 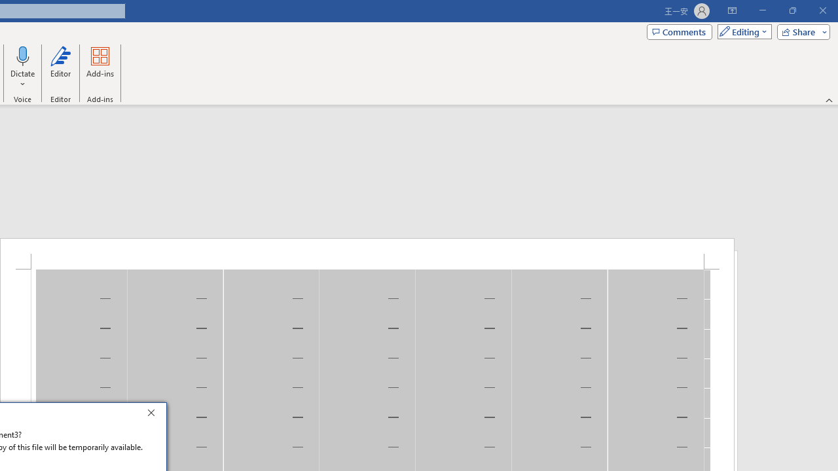 What do you see at coordinates (23, 67) in the screenshot?
I see `'Dictate'` at bounding box center [23, 67].